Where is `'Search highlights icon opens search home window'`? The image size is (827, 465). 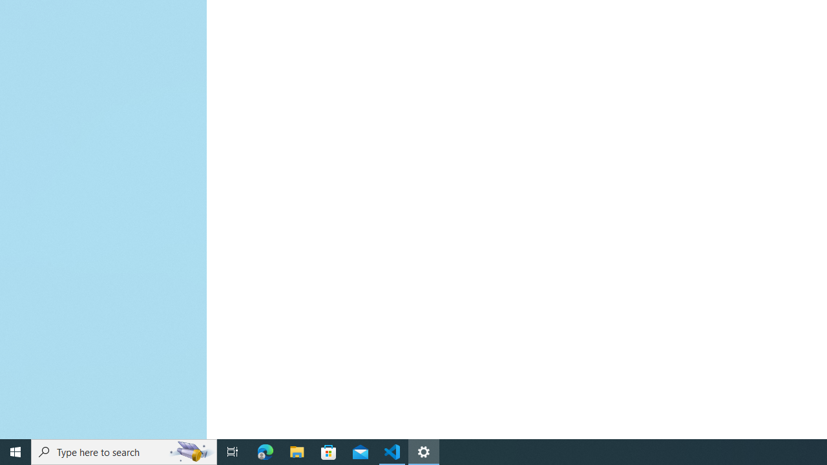
'Search highlights icon opens search home window' is located at coordinates (190, 451).